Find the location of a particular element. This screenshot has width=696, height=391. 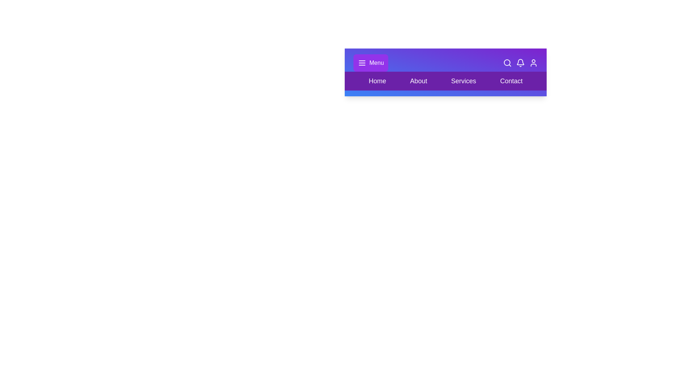

the section labeled Home in the layout is located at coordinates (377, 81).